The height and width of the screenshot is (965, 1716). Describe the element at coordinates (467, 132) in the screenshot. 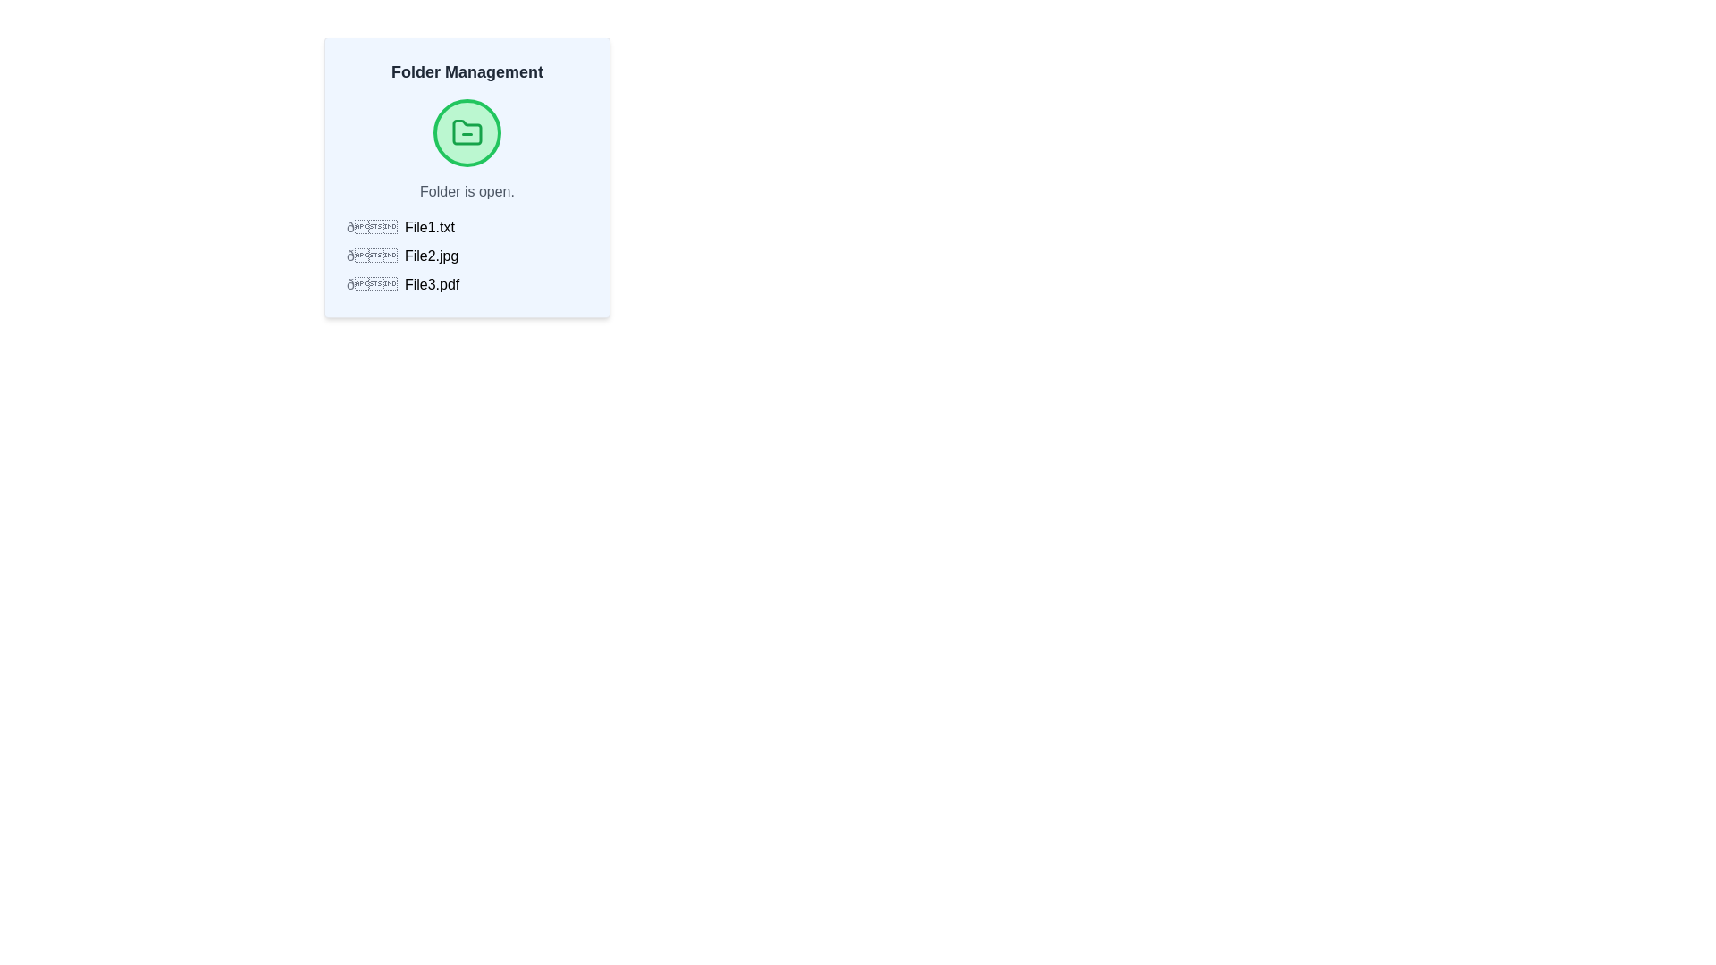

I see `the circular green button with a folder icon and minus sign located in the 'Folder Management' widget to trigger the tooltip or visual effect` at that location.